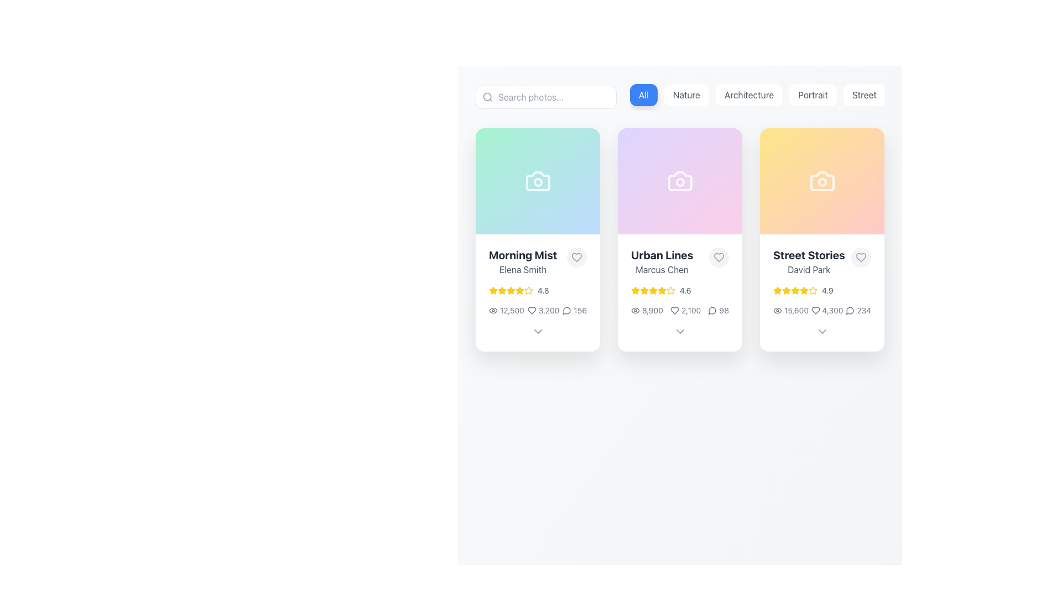  What do you see at coordinates (538, 311) in the screenshot?
I see `the Text-label group with icons displaying view count, likes count, and comment count located at the bottom of the 'Morning Mist' card` at bounding box center [538, 311].